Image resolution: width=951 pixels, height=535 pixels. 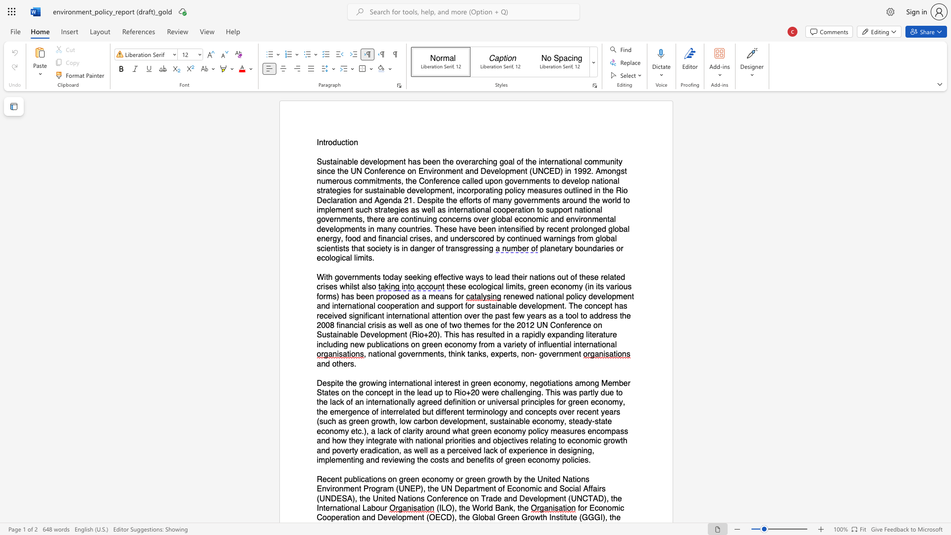 What do you see at coordinates (566, 277) in the screenshot?
I see `the subset text "t of th" within the text "With governments today seeking effective ways to lead their nations out of these related crises whilst also"` at bounding box center [566, 277].